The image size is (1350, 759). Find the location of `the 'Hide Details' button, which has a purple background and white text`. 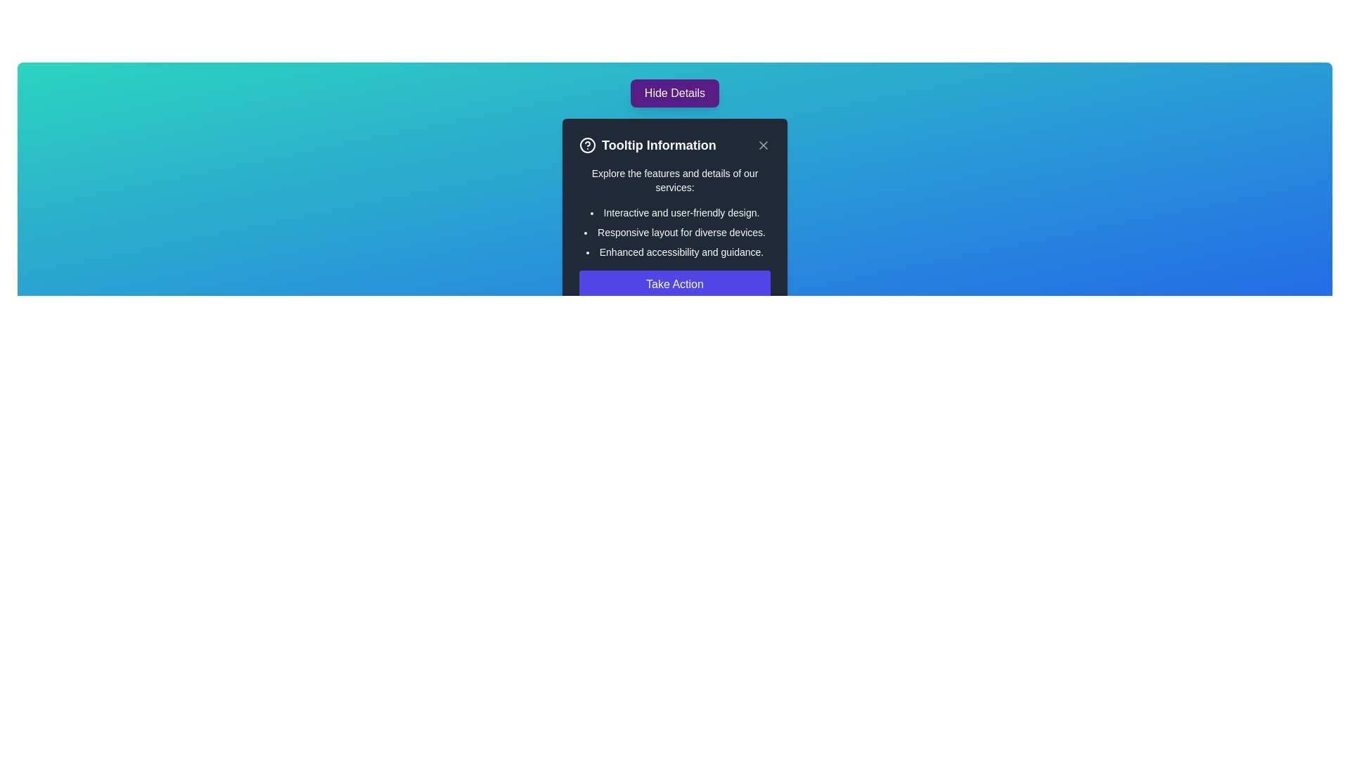

the 'Hide Details' button, which has a purple background and white text is located at coordinates (675, 93).